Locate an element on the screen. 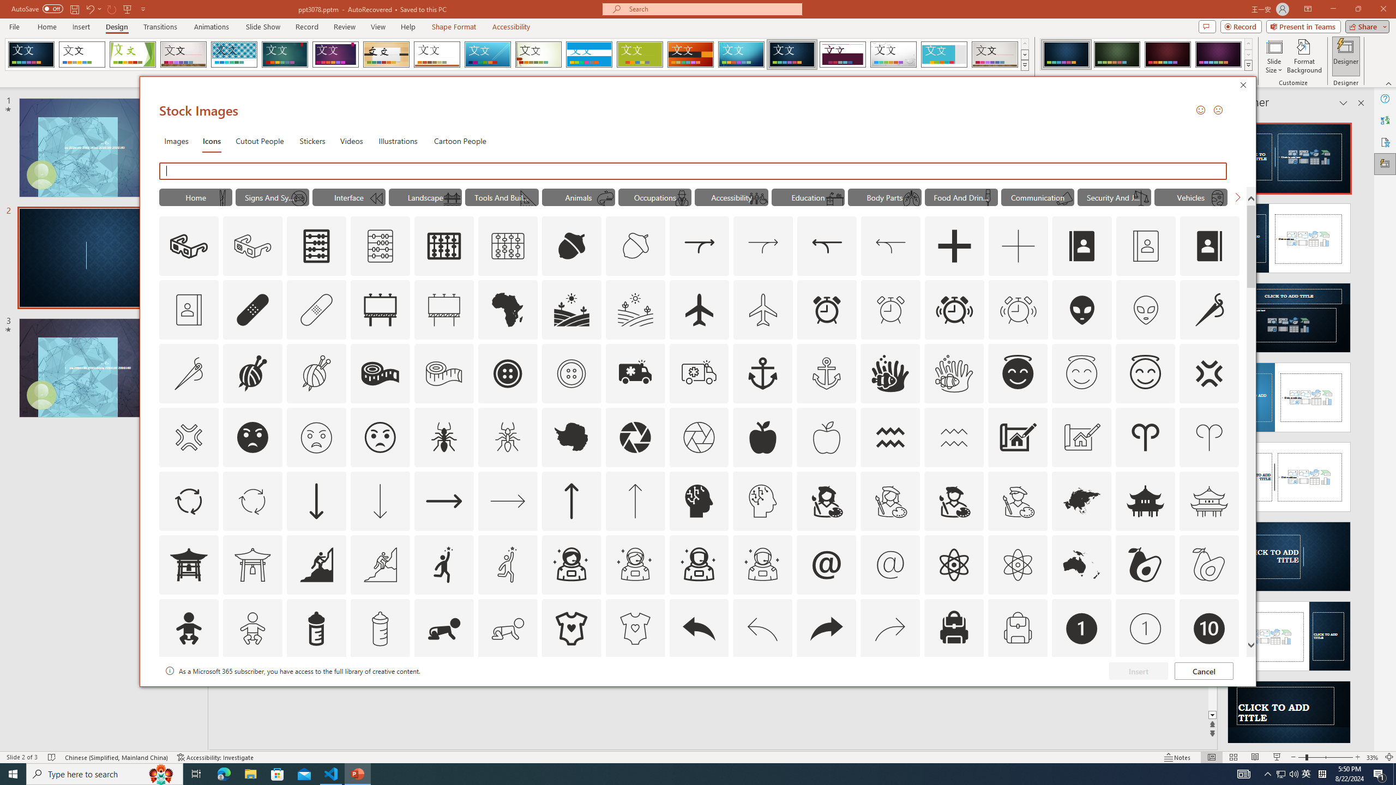  'AutomationID: Icons_Agriculture_M' is located at coordinates (635, 309).